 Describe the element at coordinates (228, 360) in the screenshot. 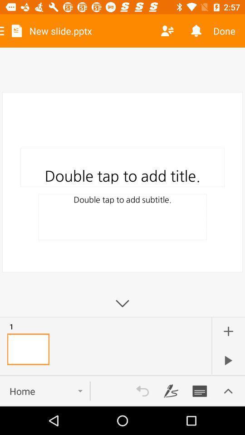

I see `button` at that location.